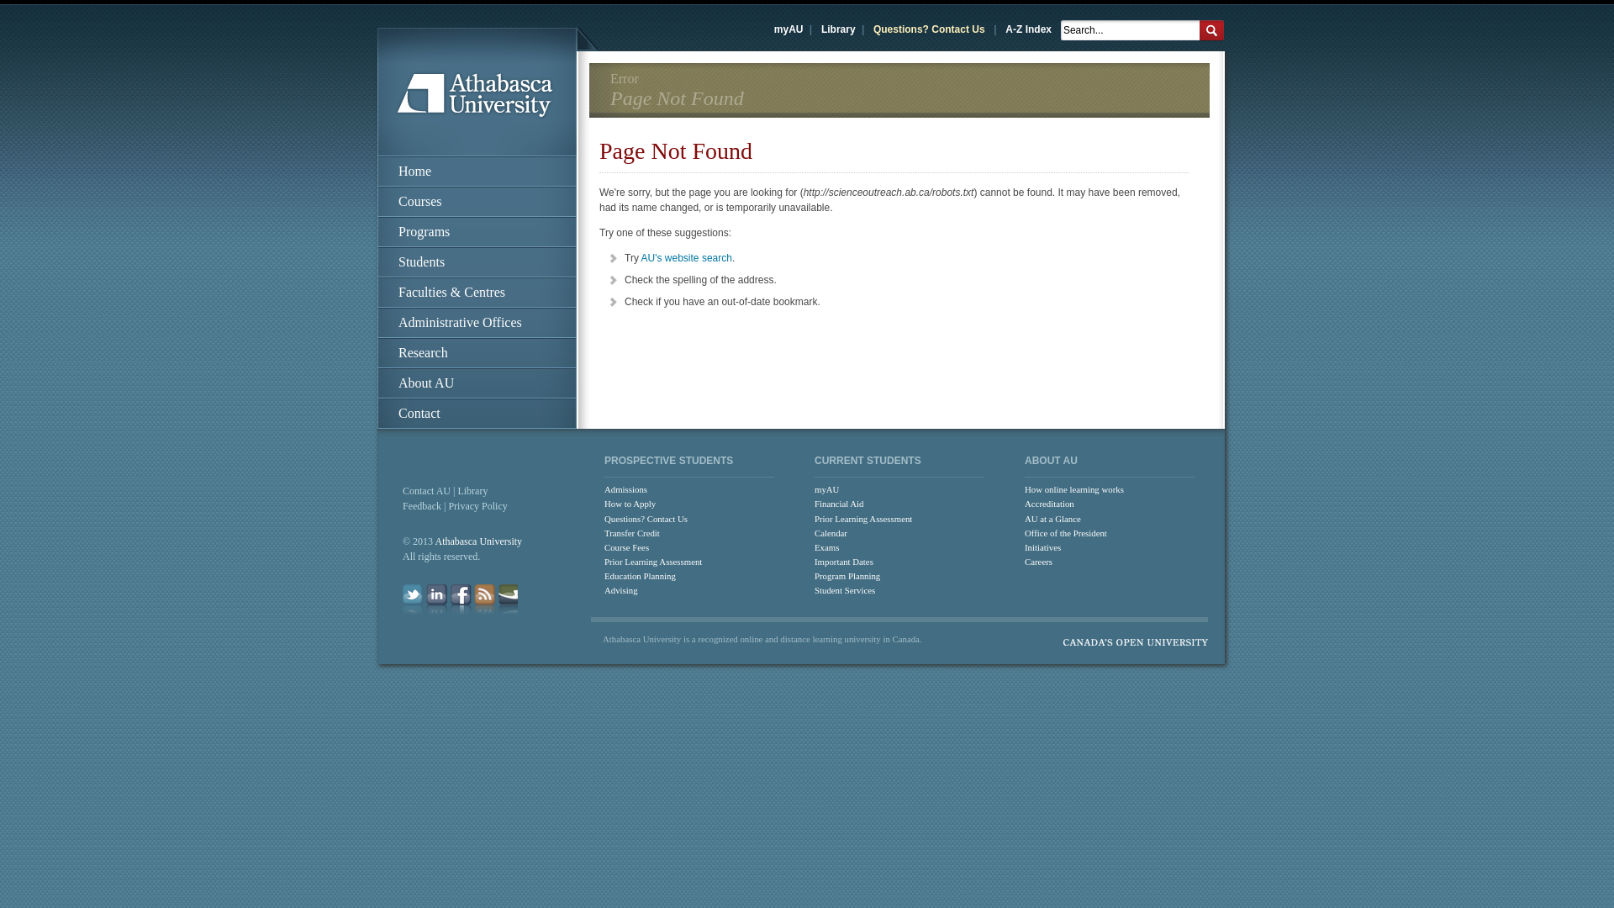 The height and width of the screenshot is (908, 1614). What do you see at coordinates (476, 383) in the screenshot?
I see `'About AU'` at bounding box center [476, 383].